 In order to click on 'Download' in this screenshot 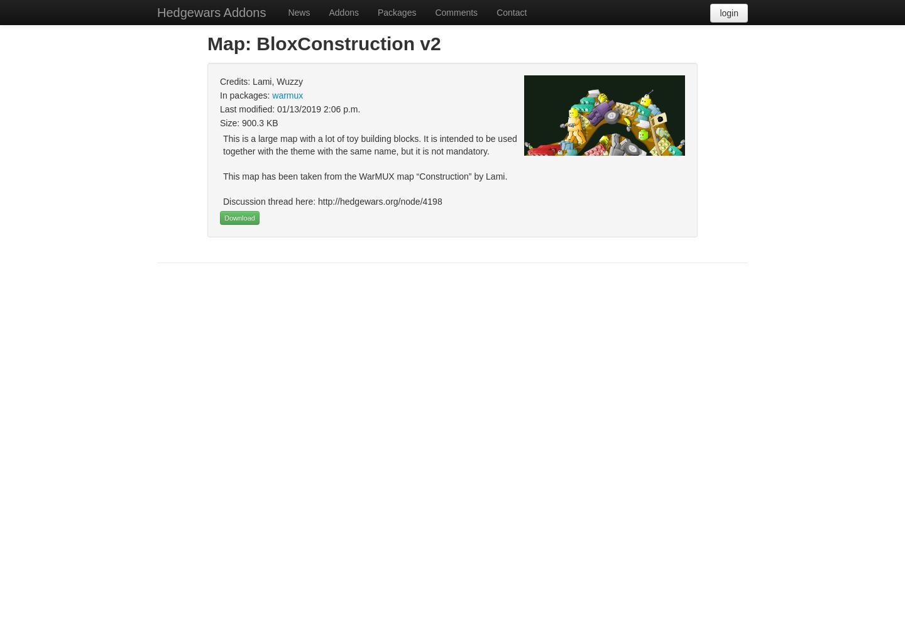, I will do `click(239, 217)`.